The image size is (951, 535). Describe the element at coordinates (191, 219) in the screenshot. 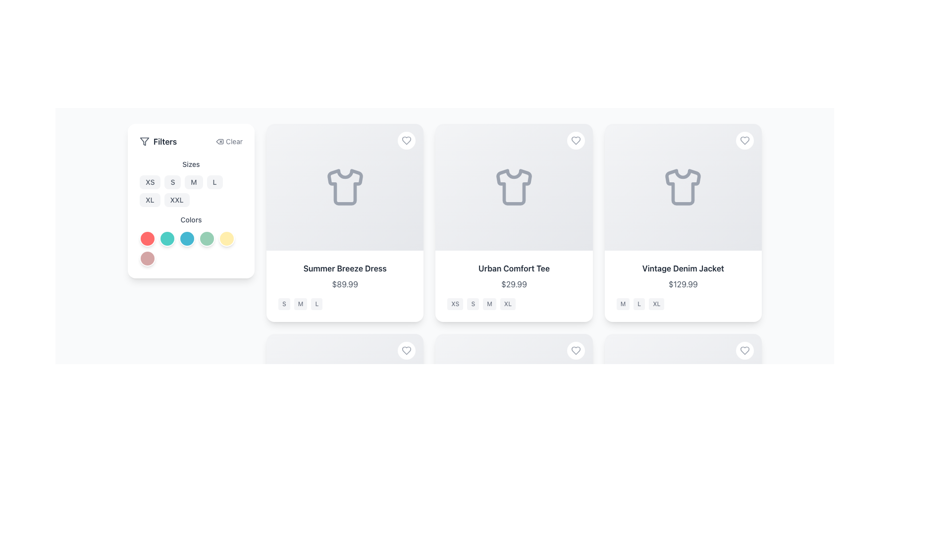

I see `the 'Colors' text label, which is styled with a small font size, medium weight, and gray coloring, located in the filtering interface above the color selection buttons` at that location.